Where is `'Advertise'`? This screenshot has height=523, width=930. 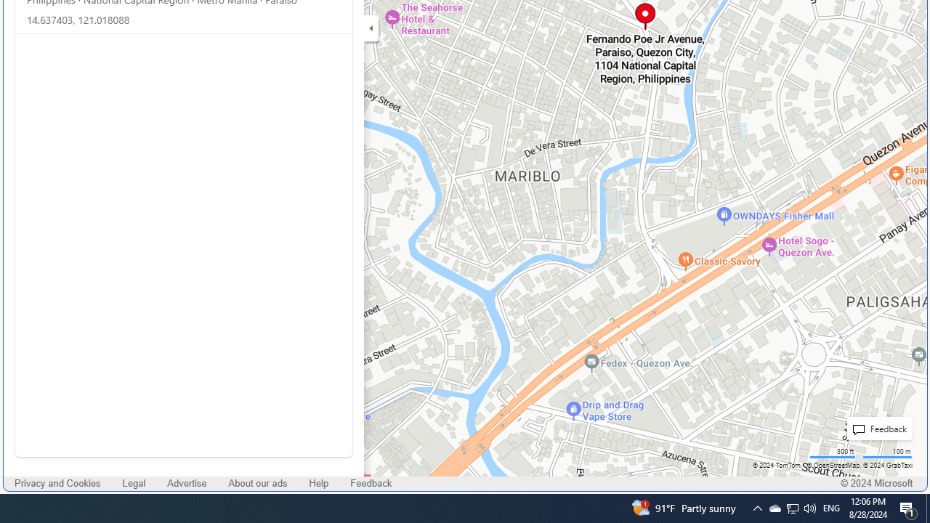 'Advertise' is located at coordinates (186, 483).